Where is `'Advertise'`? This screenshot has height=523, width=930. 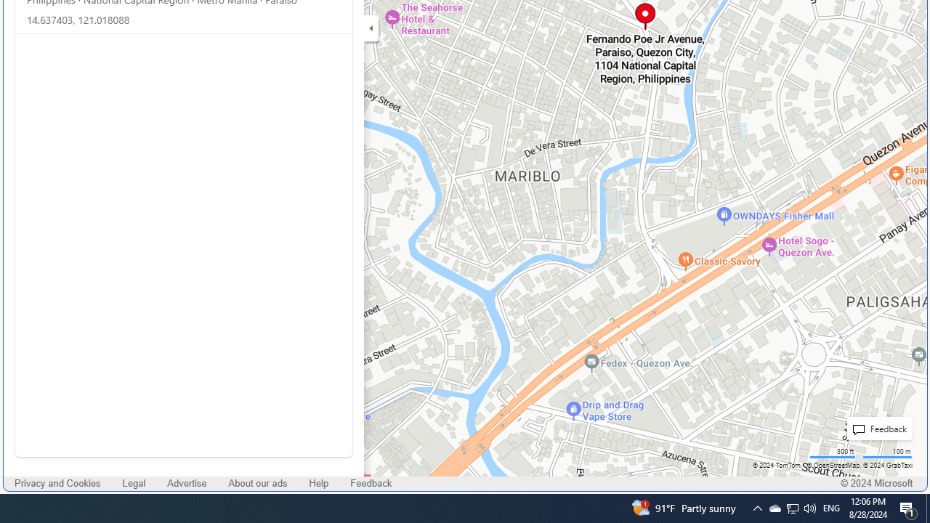 'Advertise' is located at coordinates (186, 483).